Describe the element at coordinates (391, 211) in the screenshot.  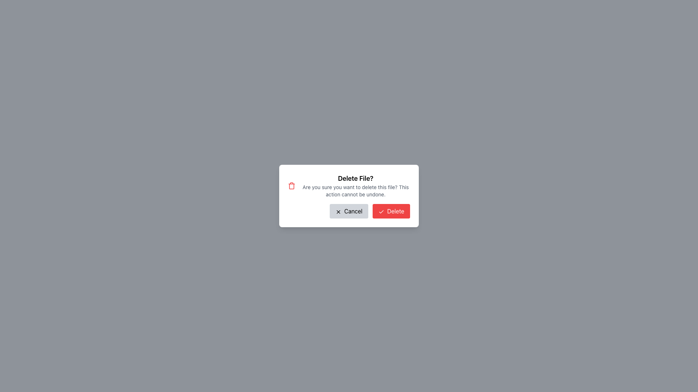
I see `the 'Delete' button with a red background and white text` at that location.